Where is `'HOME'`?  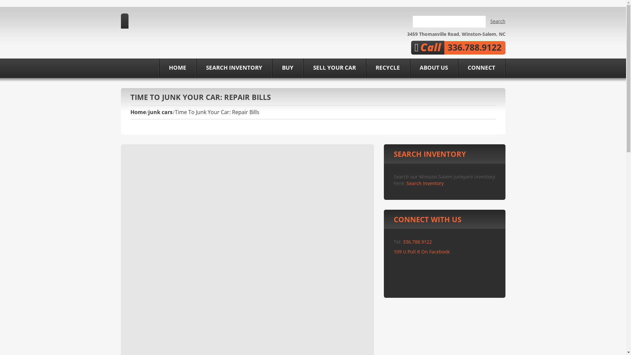 'HOME' is located at coordinates (177, 68).